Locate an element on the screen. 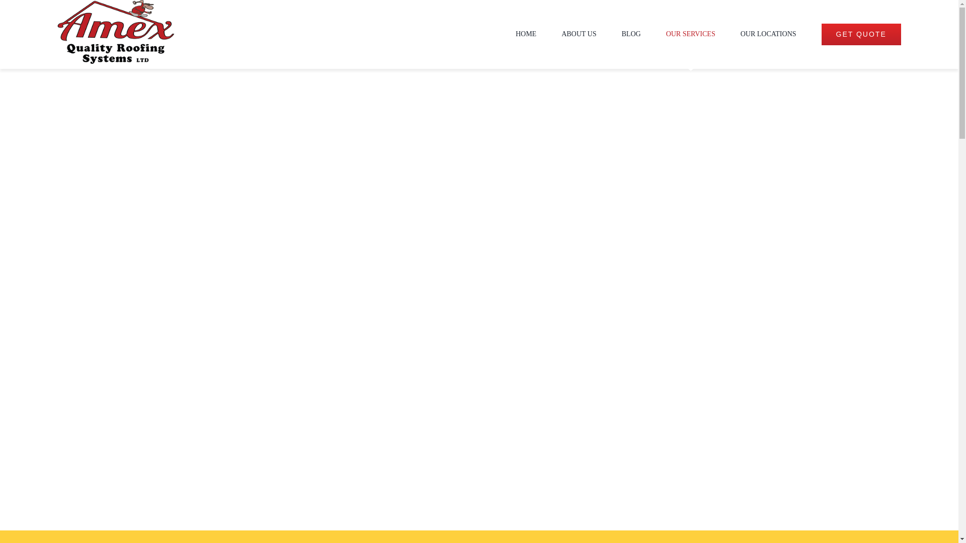 This screenshot has width=966, height=543. 'GET QUOTE' is located at coordinates (861, 34).